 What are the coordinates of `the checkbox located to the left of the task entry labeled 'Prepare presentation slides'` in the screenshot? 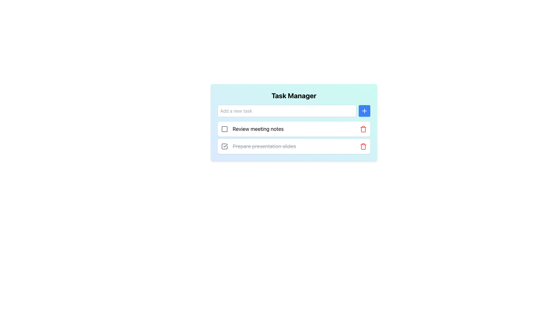 It's located at (224, 146).